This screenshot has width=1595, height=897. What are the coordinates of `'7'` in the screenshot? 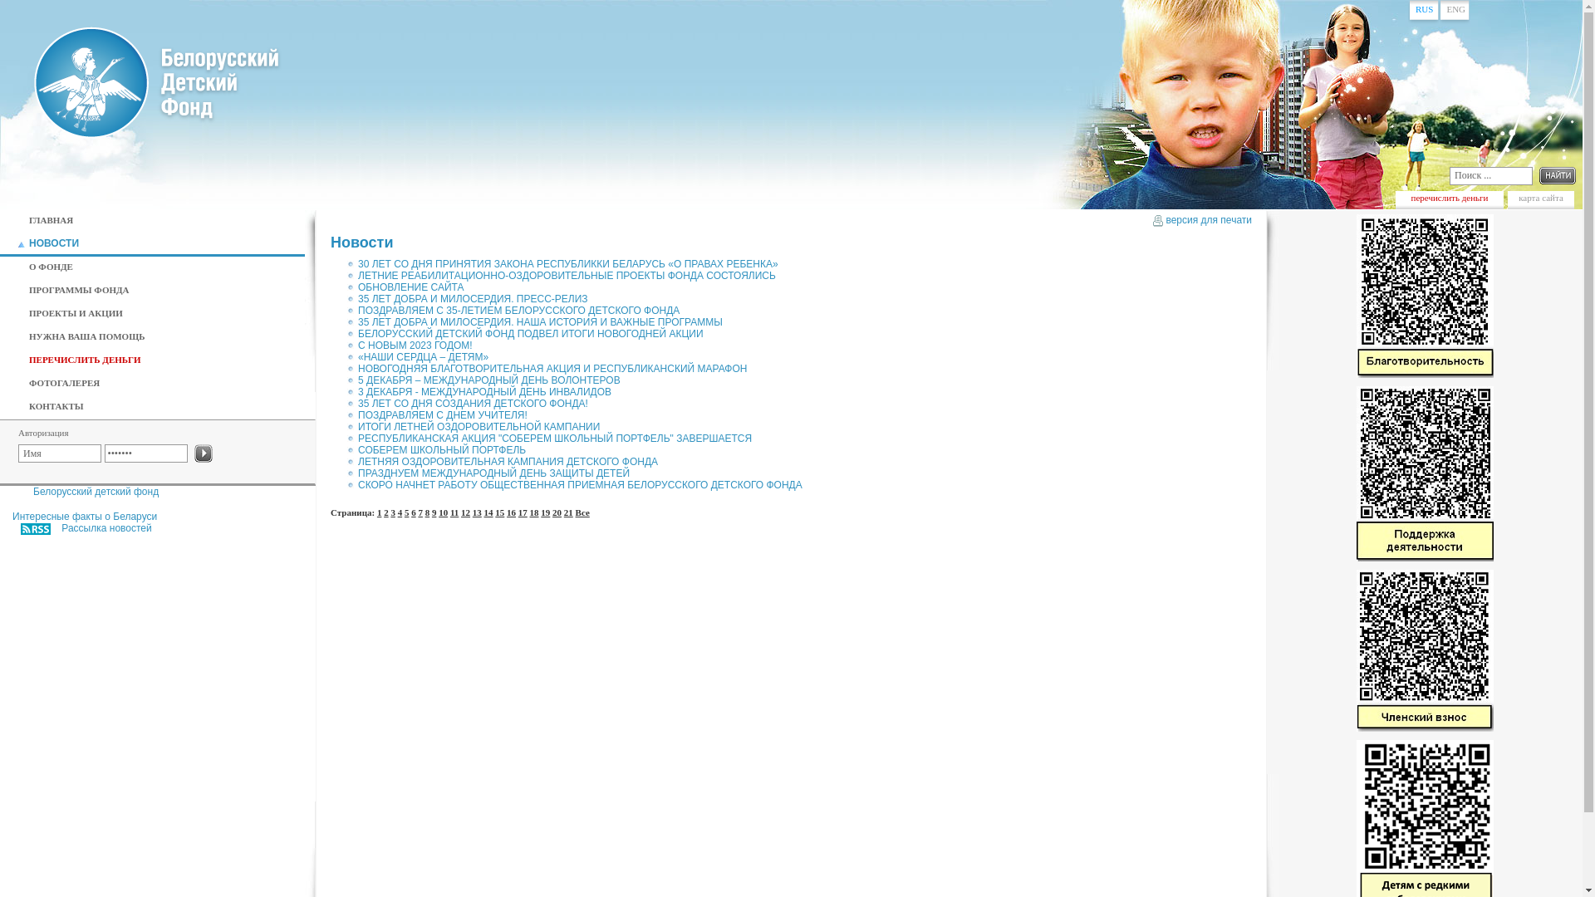 It's located at (420, 507).